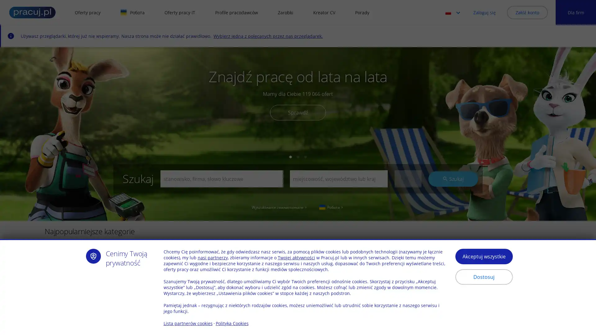  What do you see at coordinates (408, 191) in the screenshot?
I see `+ 0 km` at bounding box center [408, 191].